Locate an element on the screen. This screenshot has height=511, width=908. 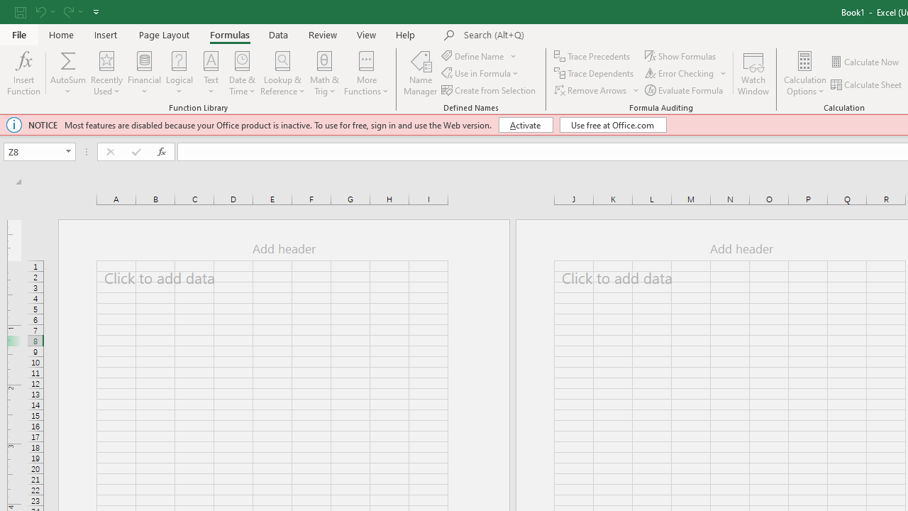
'Use in Formula' is located at coordinates (482, 73).